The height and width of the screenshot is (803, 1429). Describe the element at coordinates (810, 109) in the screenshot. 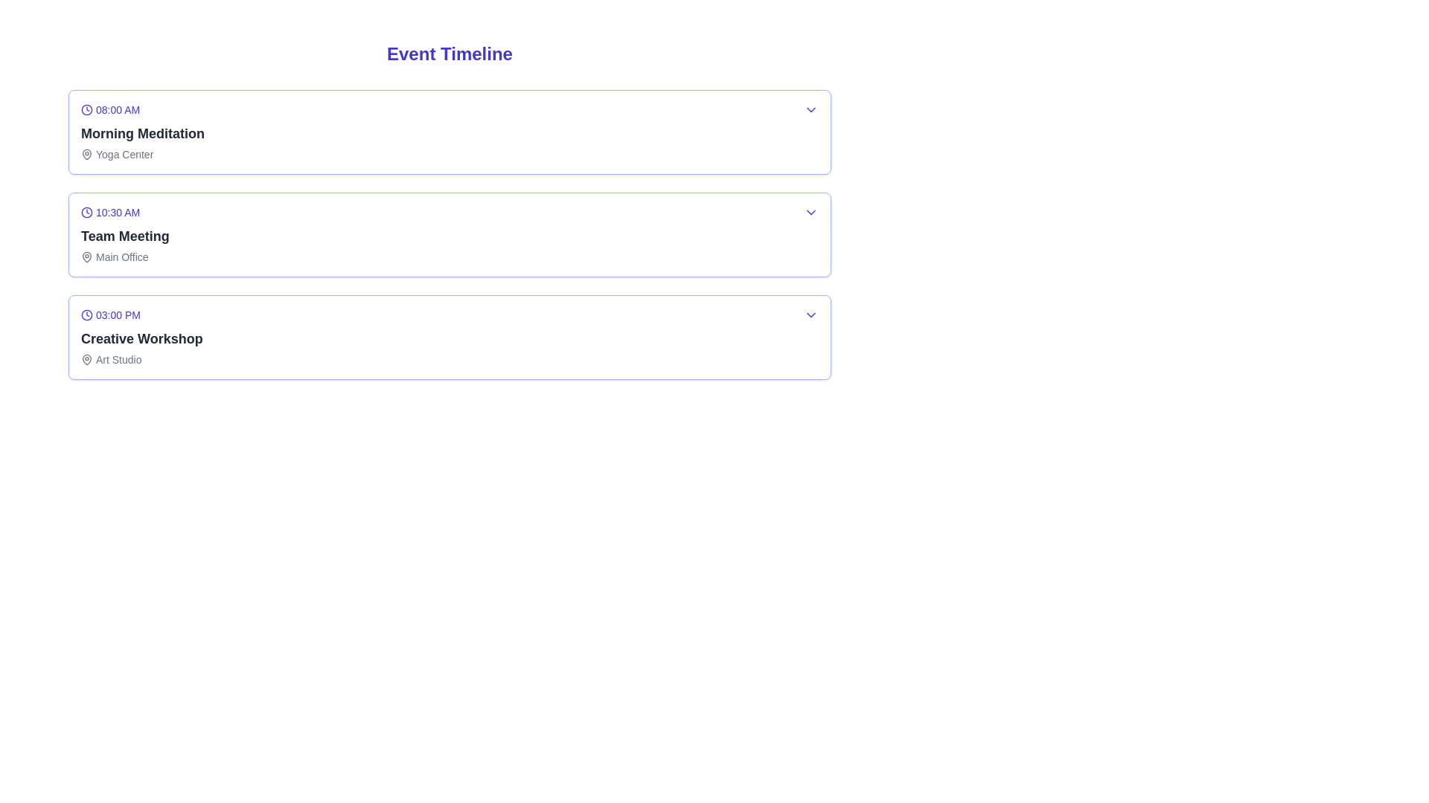

I see `the indigo downward-pointing chevron icon indicating expandable sections in the event timeline layout for the '08:00 AM Morning Meditation' event entry` at that location.